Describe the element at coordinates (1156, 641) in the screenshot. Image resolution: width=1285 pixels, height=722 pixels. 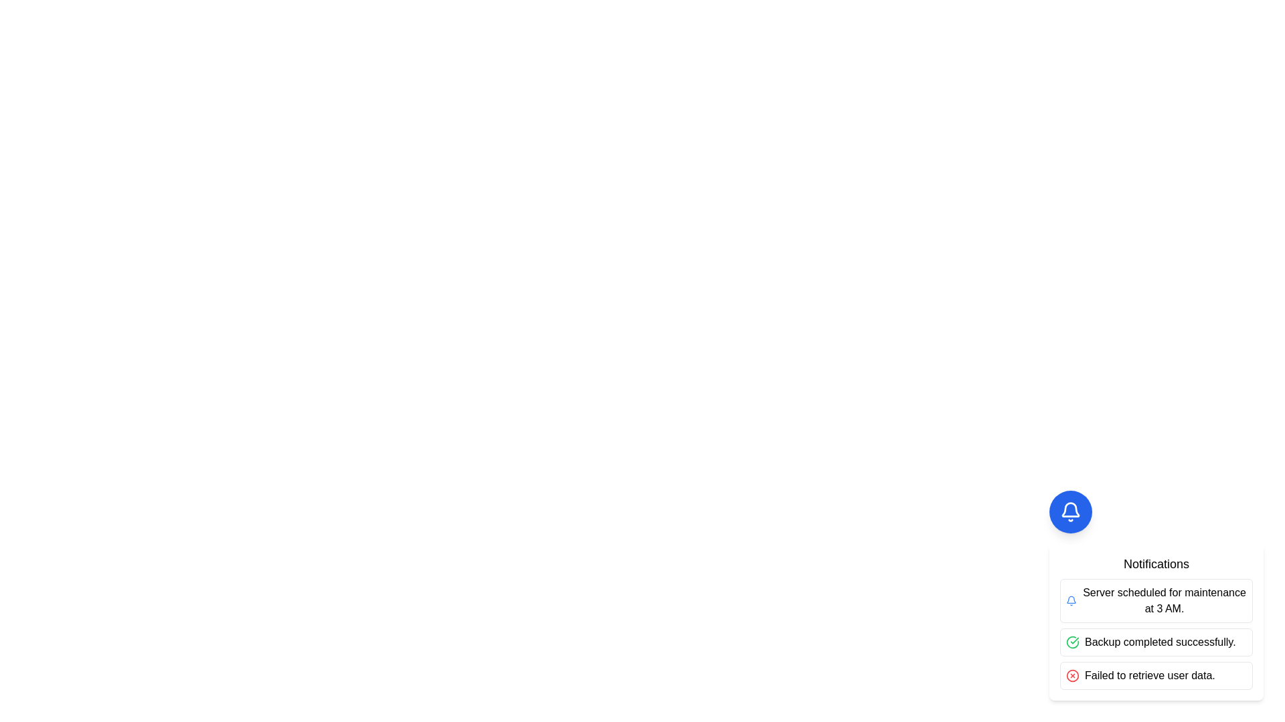
I see `text of the informational message component indicating the successful completion of a backup operation, located between the maintenance notification and the user data retrieval failure message` at that location.